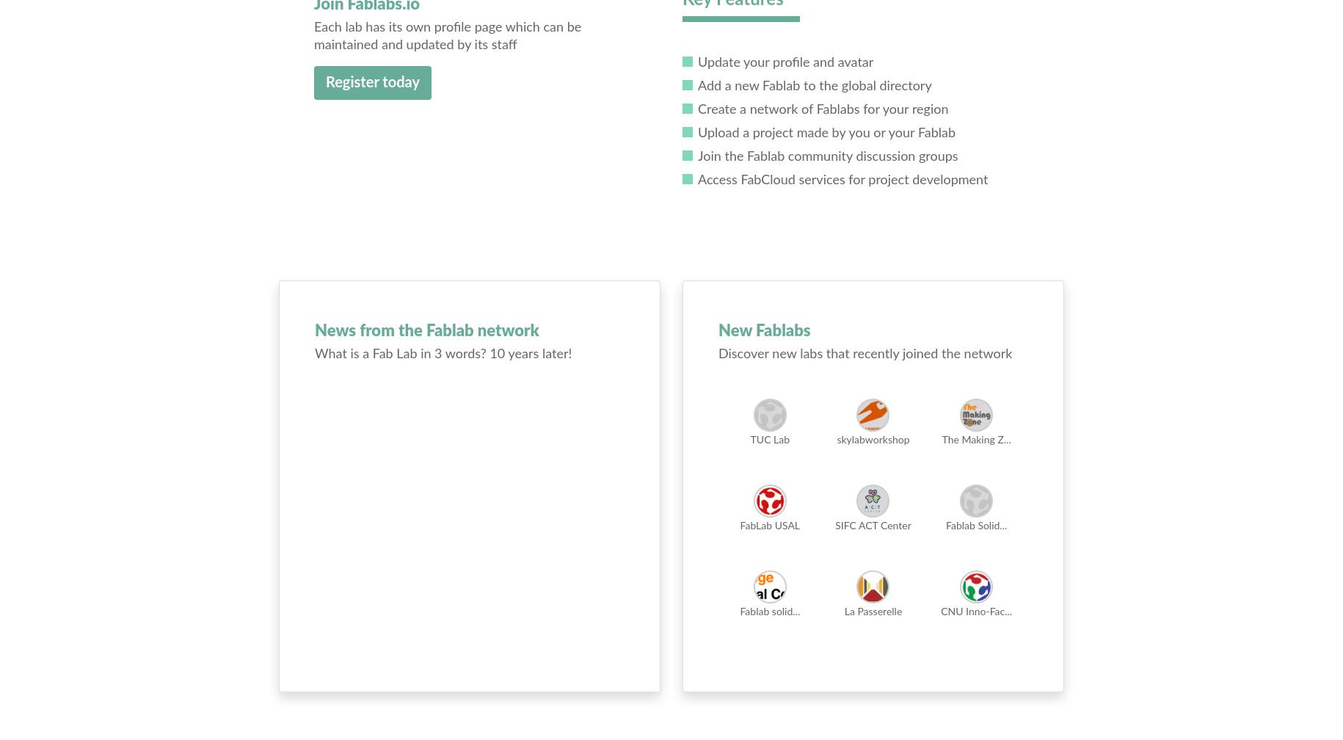  Describe the element at coordinates (834, 526) in the screenshot. I see `'SIFC ACT Center'` at that location.